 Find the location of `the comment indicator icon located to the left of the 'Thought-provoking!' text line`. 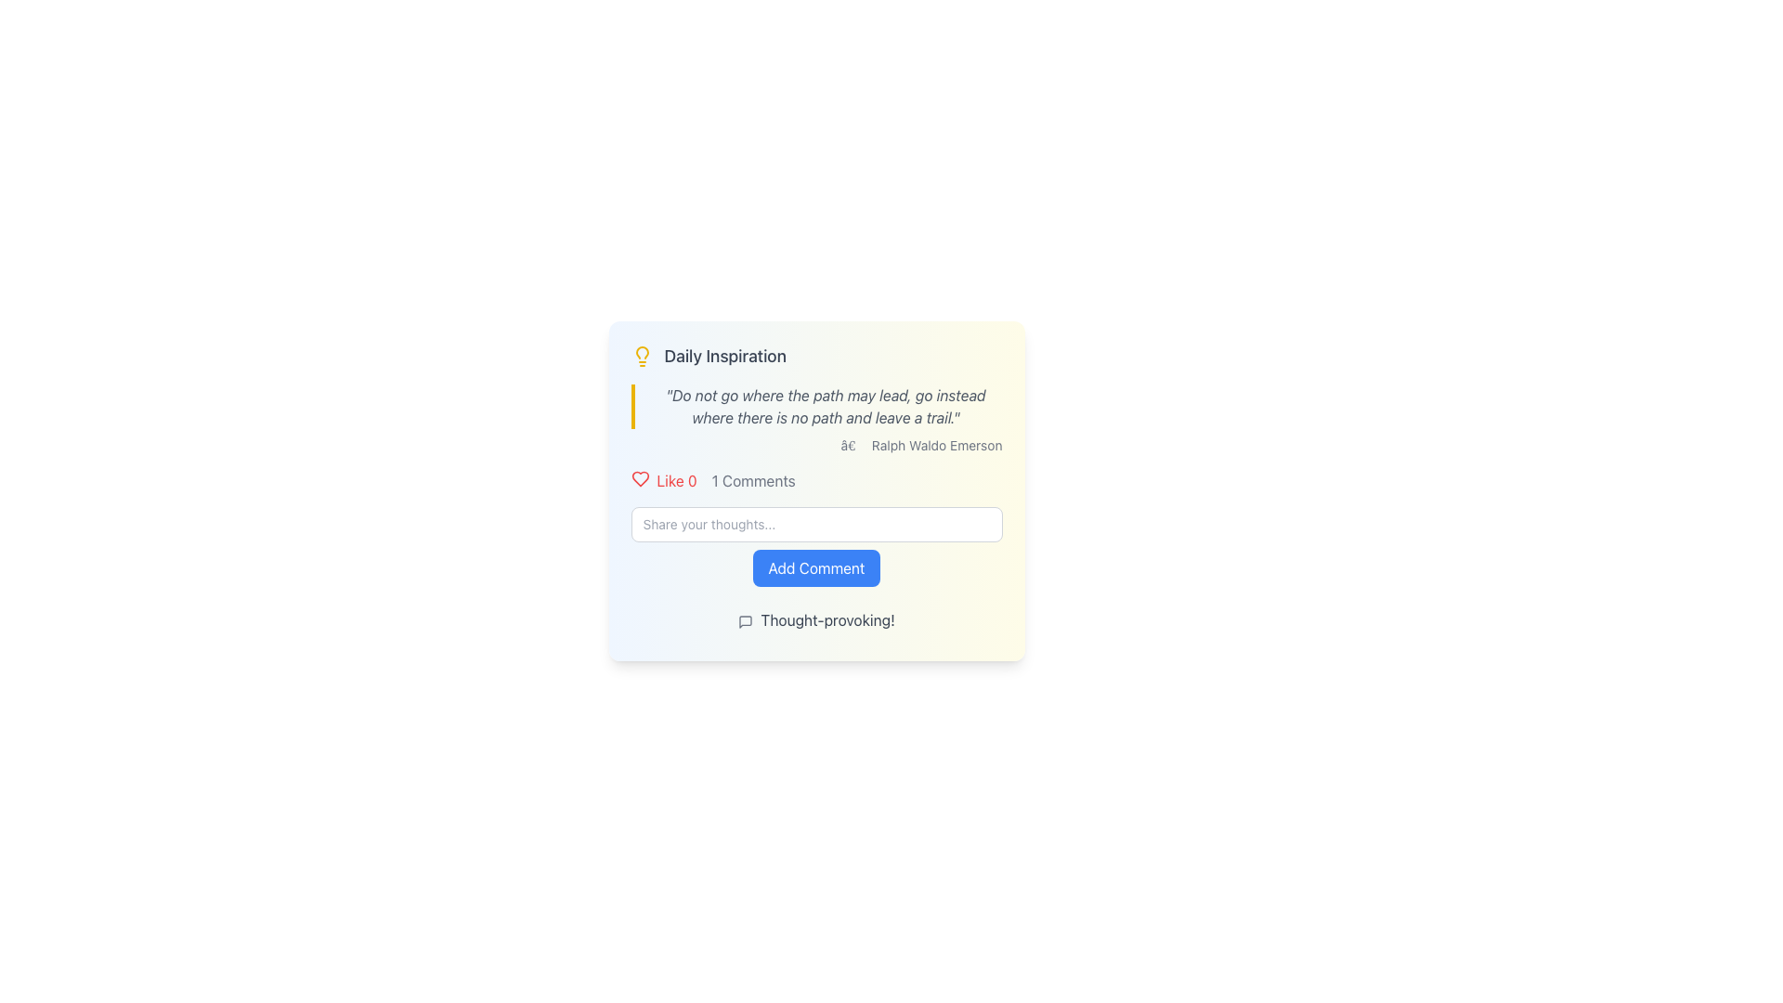

the comment indicator icon located to the left of the 'Thought-provoking!' text line is located at coordinates (746, 621).